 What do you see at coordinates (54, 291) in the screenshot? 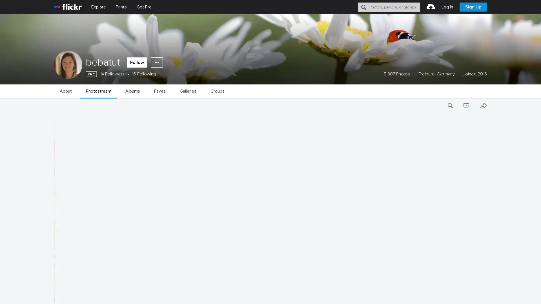
I see `Add to Favorites` at bounding box center [54, 291].